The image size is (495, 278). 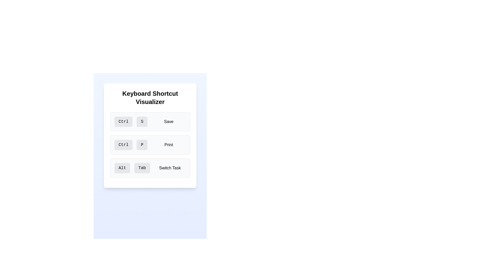 What do you see at coordinates (150, 168) in the screenshot?
I see `the 'Alt' button within the Composite widget that has a light gray background and contains buttons and labels` at bounding box center [150, 168].